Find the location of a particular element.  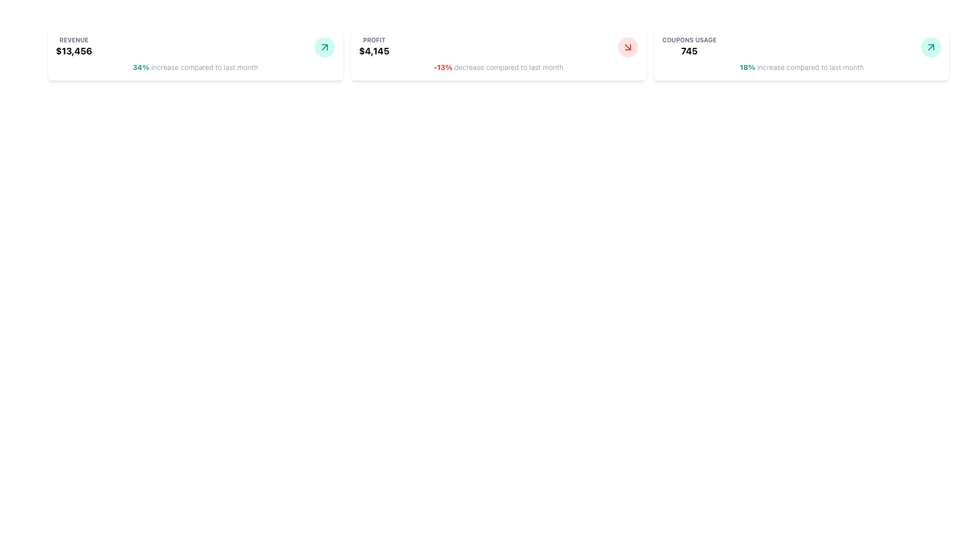

the circular teal icon button with an upward right arrow located to the right of the '745' text in the 'Coupons usage 745' UI component is located at coordinates (930, 47).